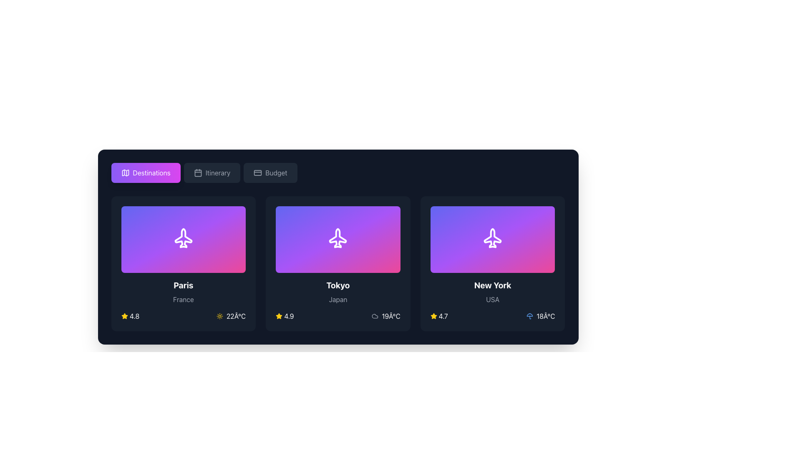 The height and width of the screenshot is (450, 801). Describe the element at coordinates (390, 316) in the screenshot. I see `the text label displaying '19Â°C' in white color, located at the bottom-right corner of the 'Tokyo' card, near the weather icon` at that location.